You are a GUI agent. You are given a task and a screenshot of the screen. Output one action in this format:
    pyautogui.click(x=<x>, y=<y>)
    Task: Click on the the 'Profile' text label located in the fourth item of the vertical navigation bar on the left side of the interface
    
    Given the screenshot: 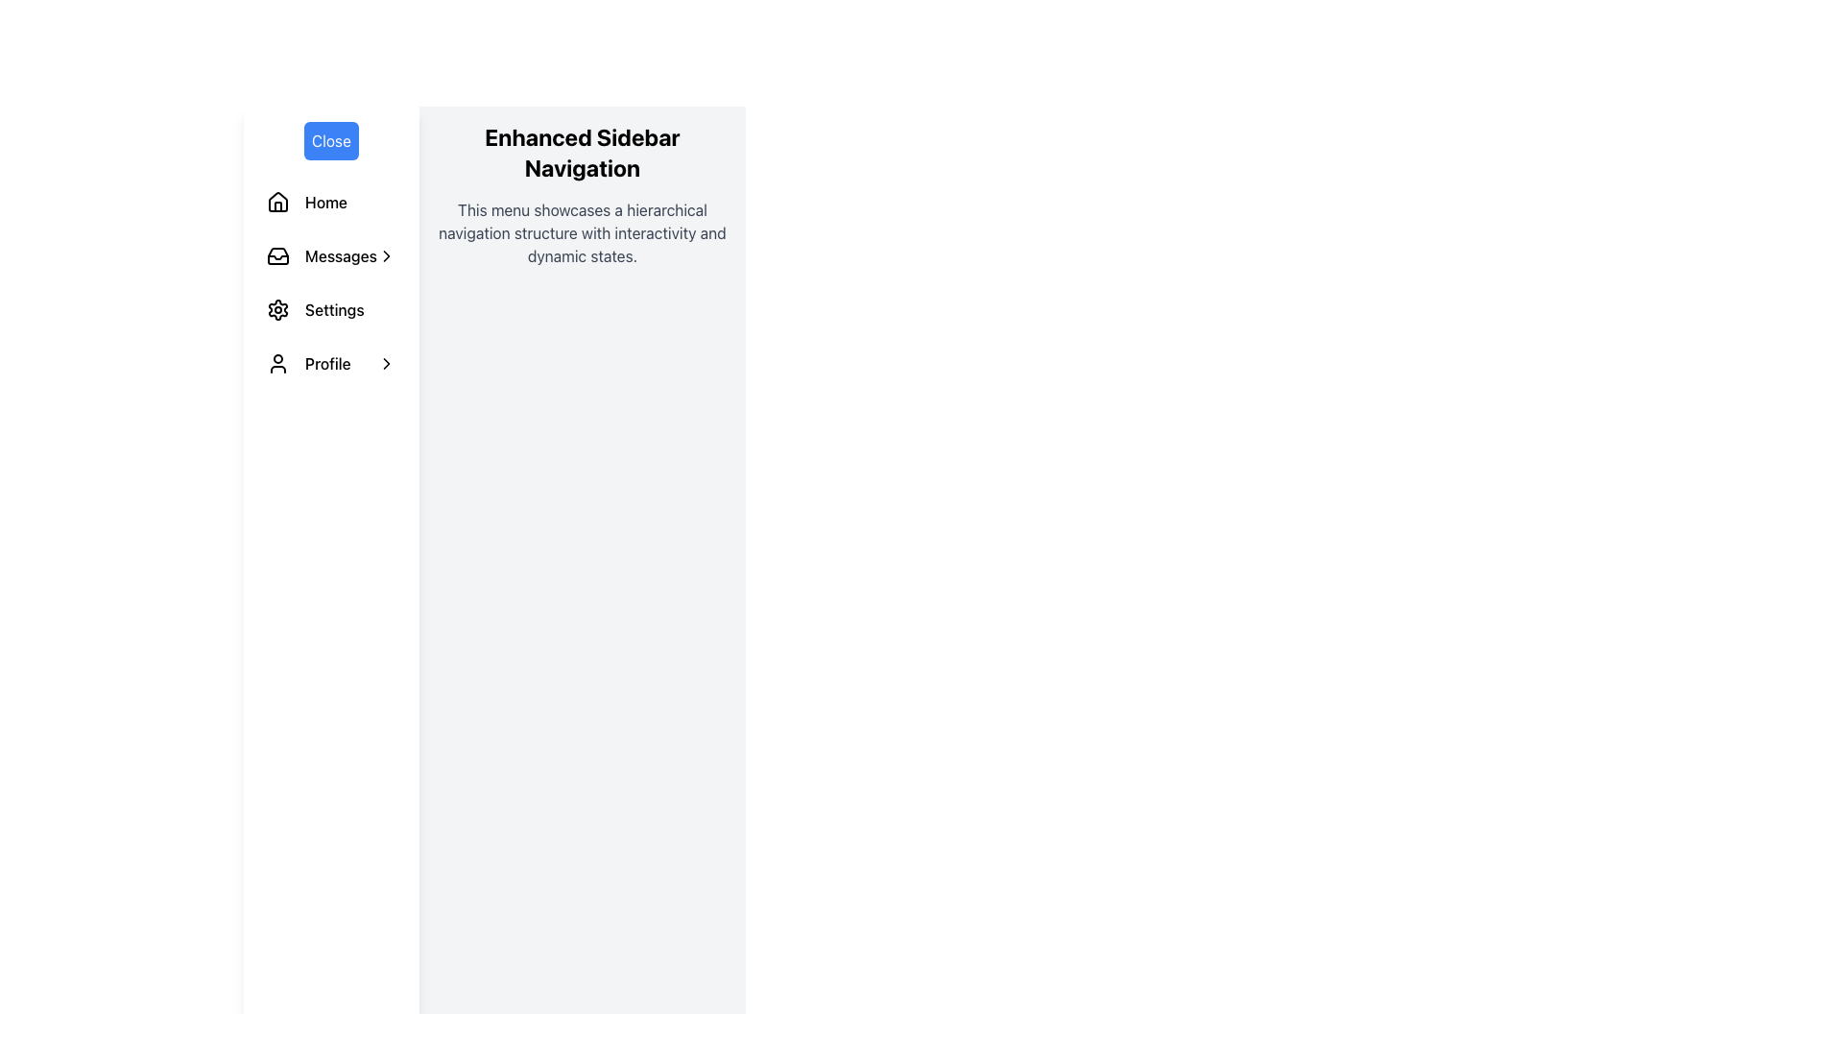 What is the action you would take?
    pyautogui.click(x=341, y=363)
    